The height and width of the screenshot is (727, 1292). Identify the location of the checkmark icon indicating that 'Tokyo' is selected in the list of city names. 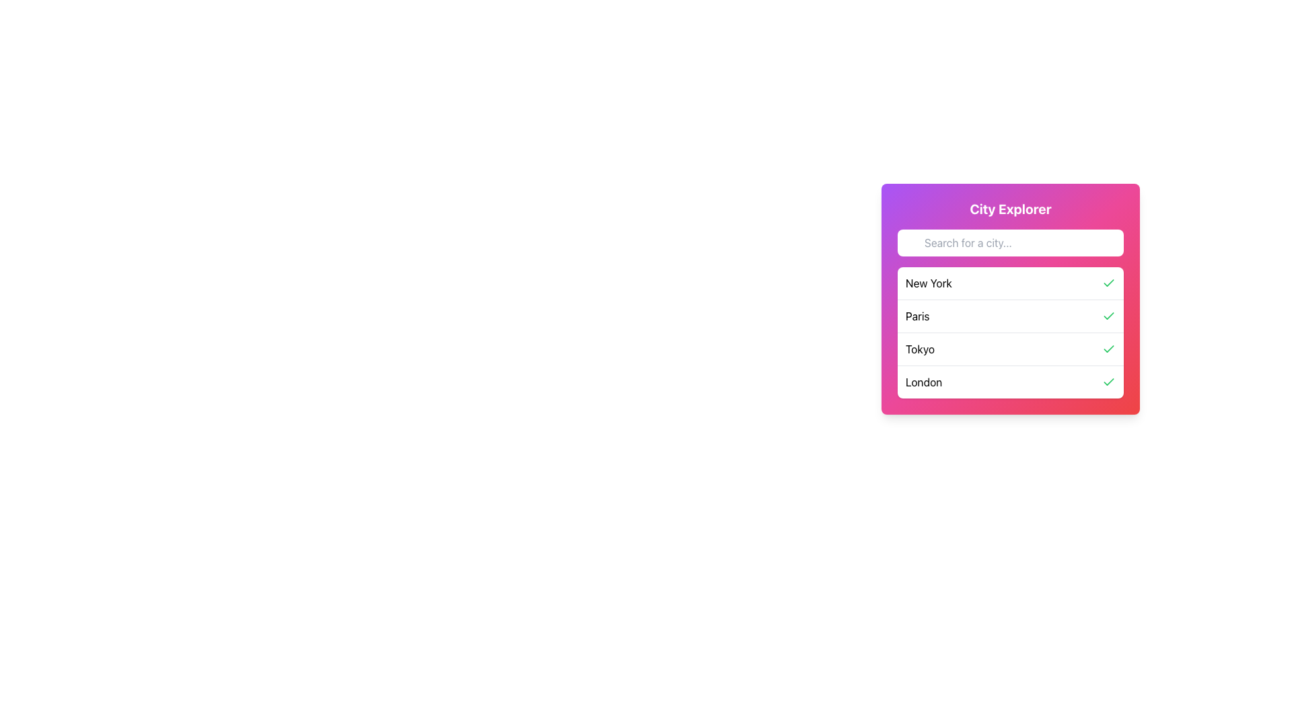
(1108, 349).